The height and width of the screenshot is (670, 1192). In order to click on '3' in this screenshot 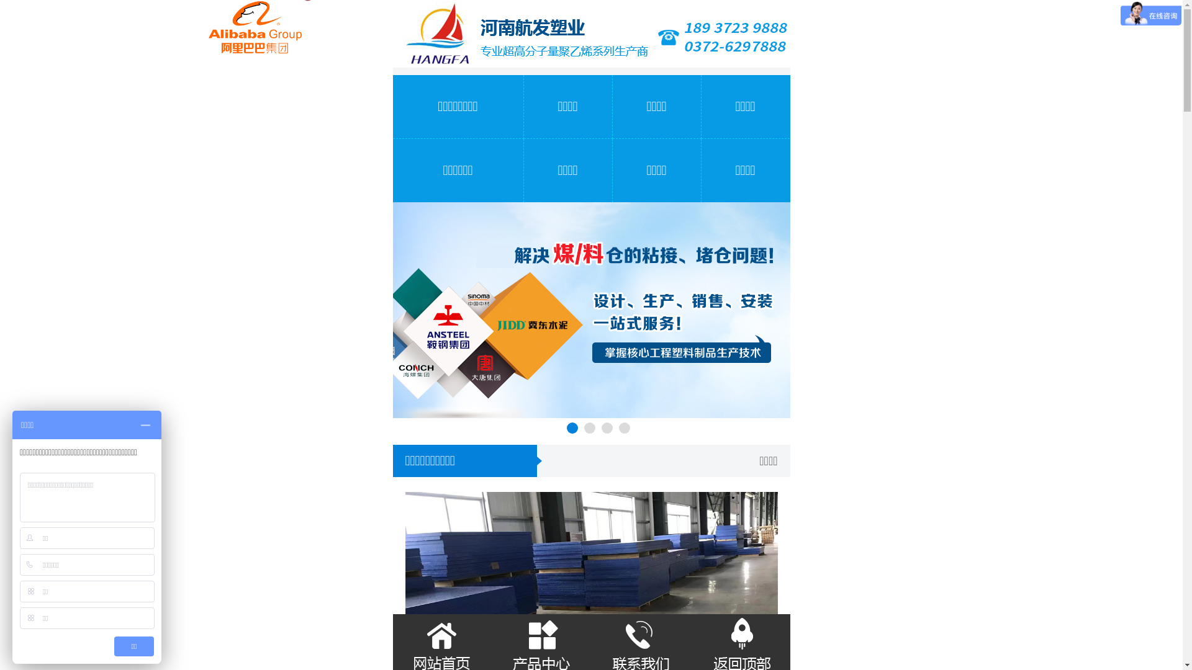, I will do `click(601, 427)`.